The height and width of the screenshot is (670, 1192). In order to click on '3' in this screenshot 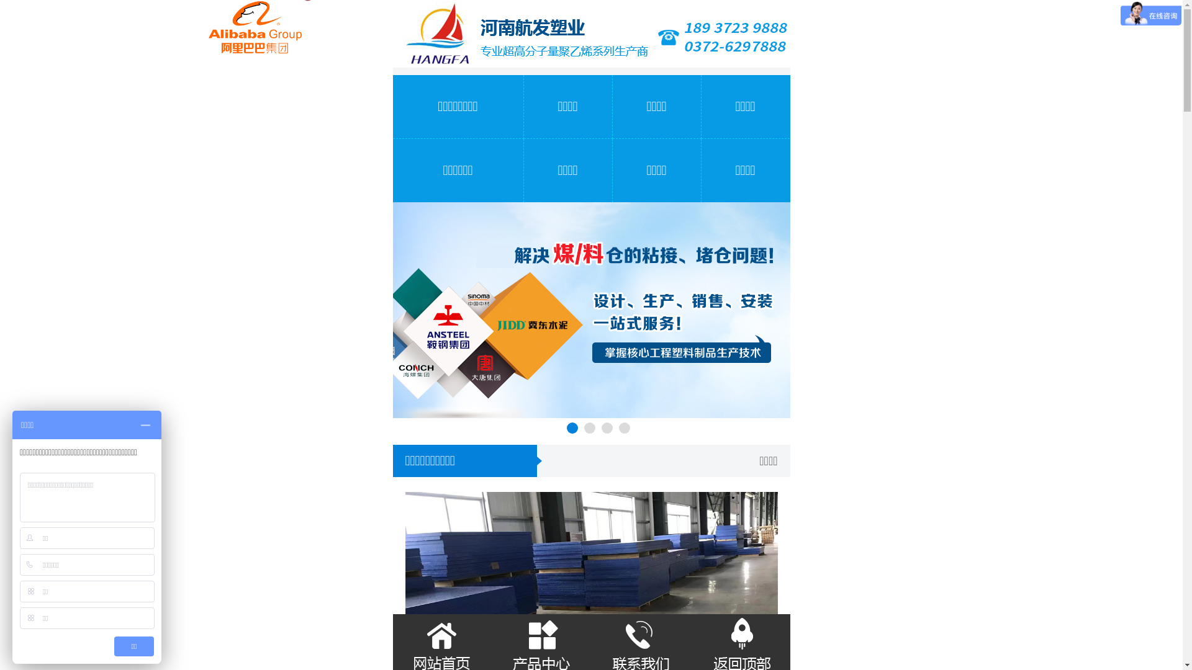, I will do `click(601, 427)`.